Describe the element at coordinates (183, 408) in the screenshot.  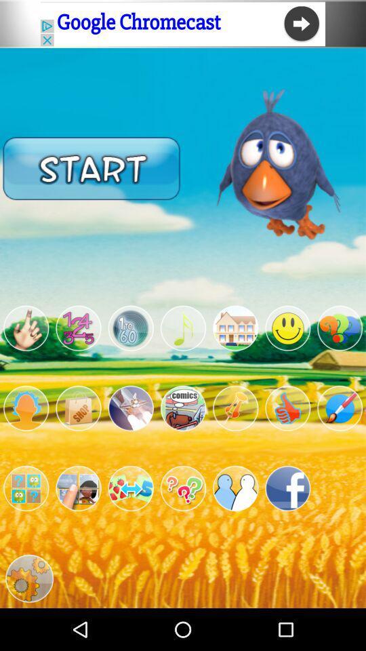
I see `app` at that location.